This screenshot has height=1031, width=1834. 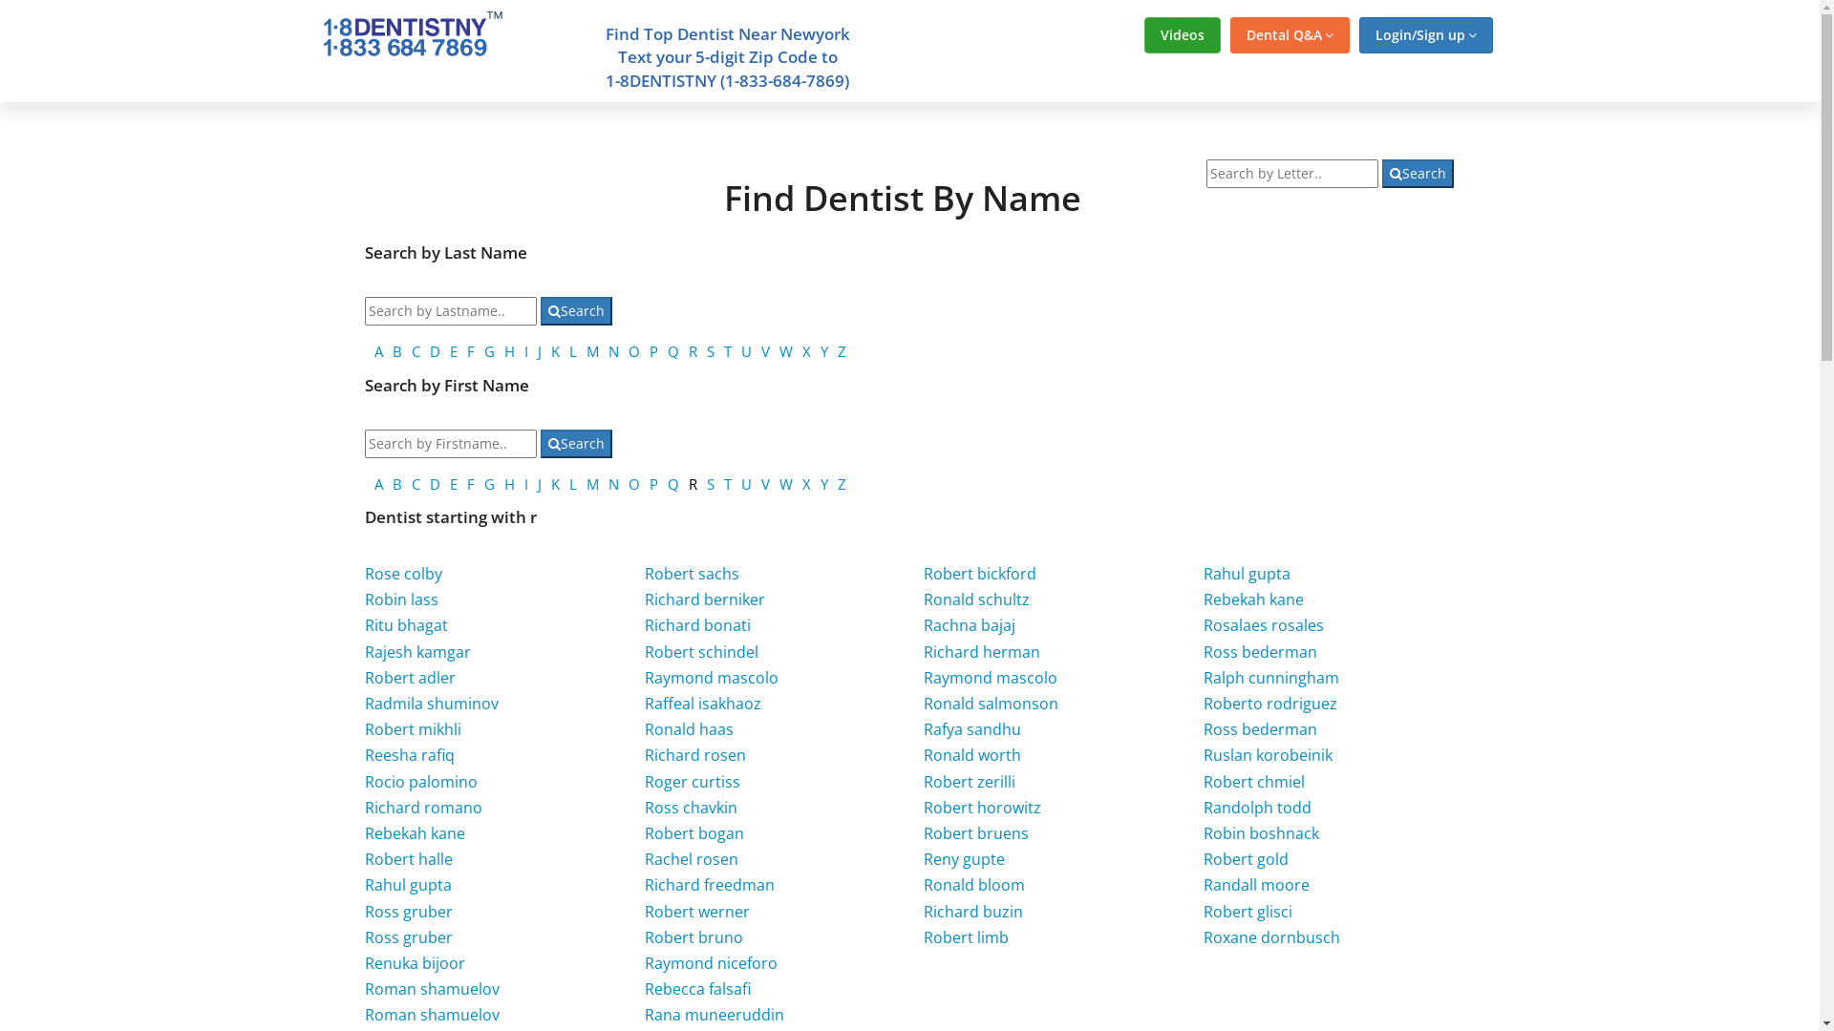 I want to click on 'Login/Sign up', so click(x=1425, y=35).